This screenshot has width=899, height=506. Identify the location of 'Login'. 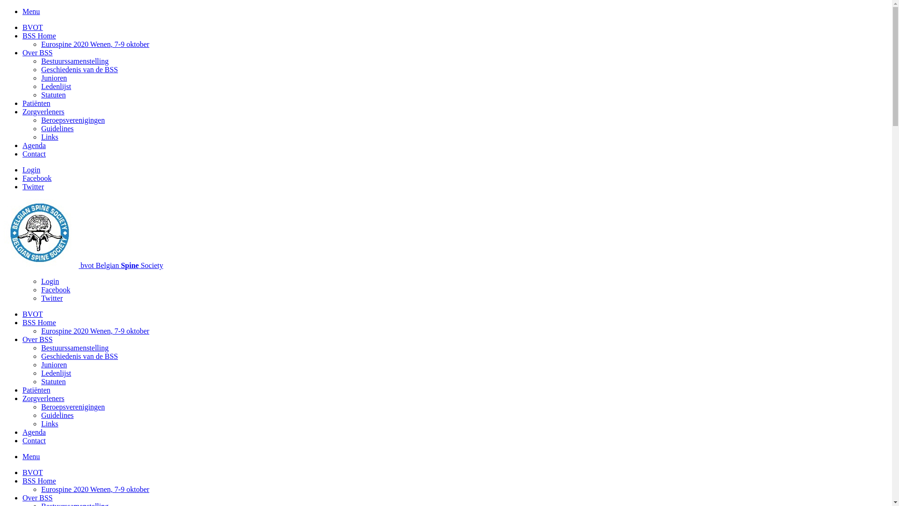
(31, 170).